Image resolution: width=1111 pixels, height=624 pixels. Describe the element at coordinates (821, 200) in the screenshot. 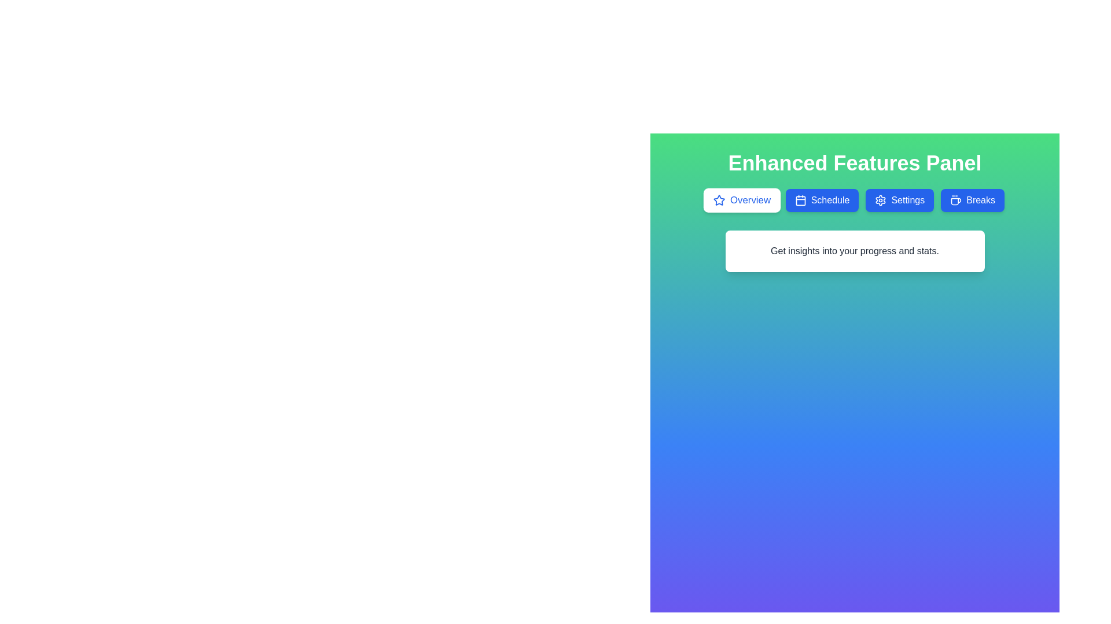

I see `the second button in the horizontal group (labeled 'Schedule') located below the 'Enhanced Features Panel' to trigger hover effects` at that location.